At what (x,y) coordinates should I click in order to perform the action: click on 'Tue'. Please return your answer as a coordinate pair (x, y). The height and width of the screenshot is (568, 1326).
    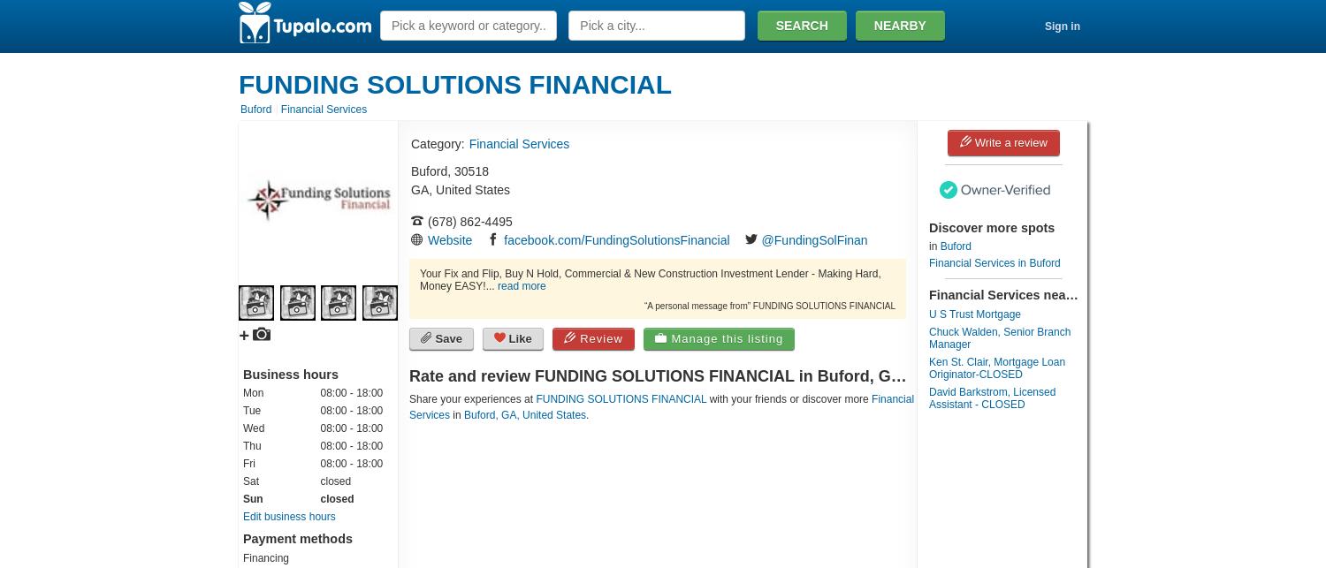
    Looking at the image, I should click on (242, 410).